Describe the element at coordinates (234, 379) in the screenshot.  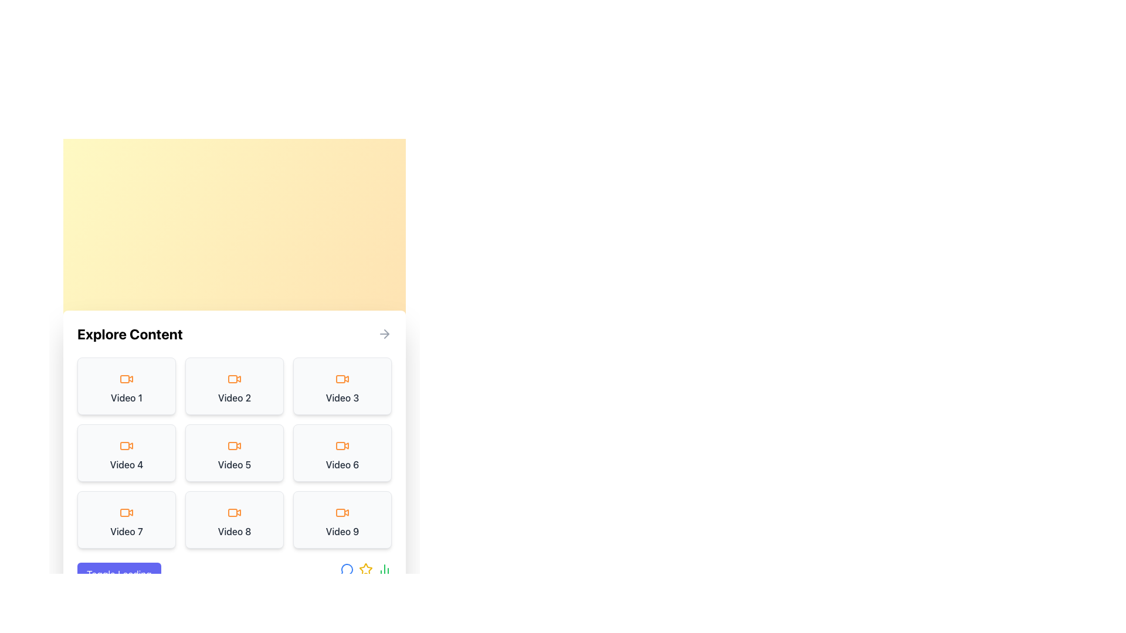
I see `the video content type icon located in the second card labeled 'Video 2' under the 'Explore Content' heading in the grid layout` at that location.